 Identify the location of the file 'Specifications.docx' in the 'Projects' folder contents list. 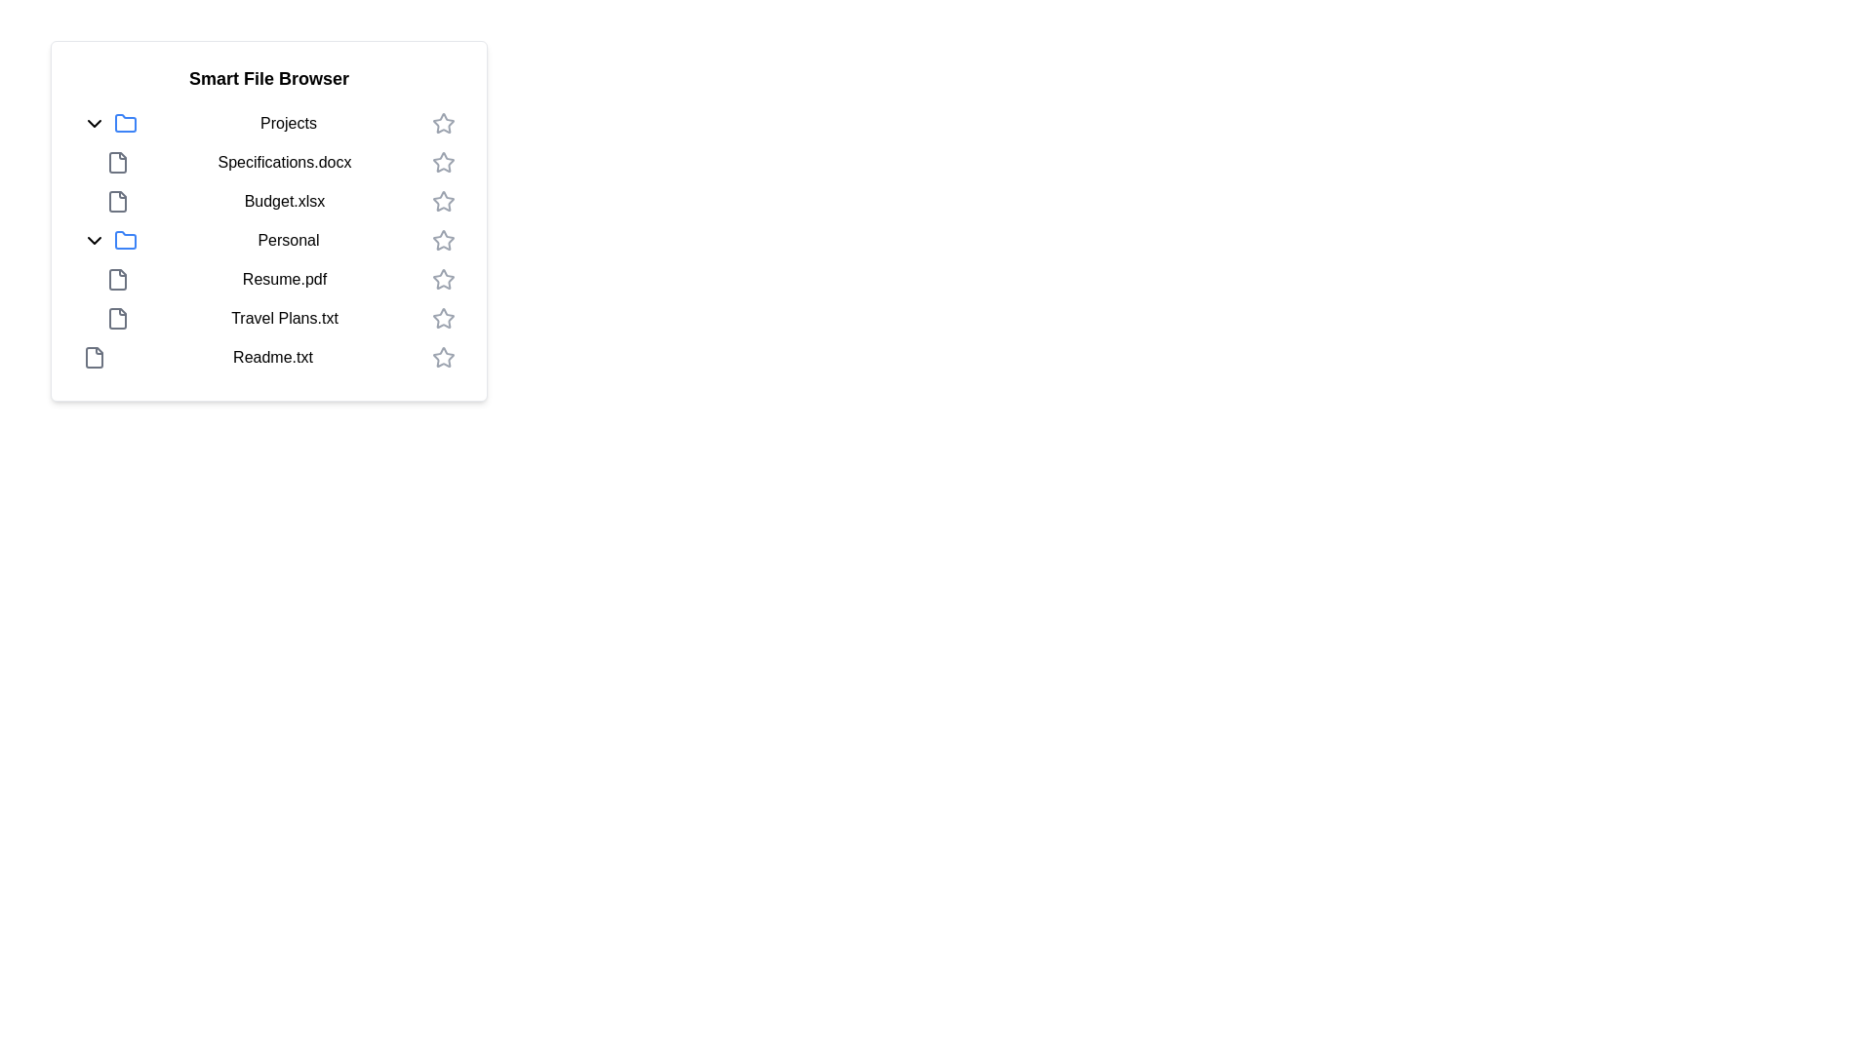
(267, 161).